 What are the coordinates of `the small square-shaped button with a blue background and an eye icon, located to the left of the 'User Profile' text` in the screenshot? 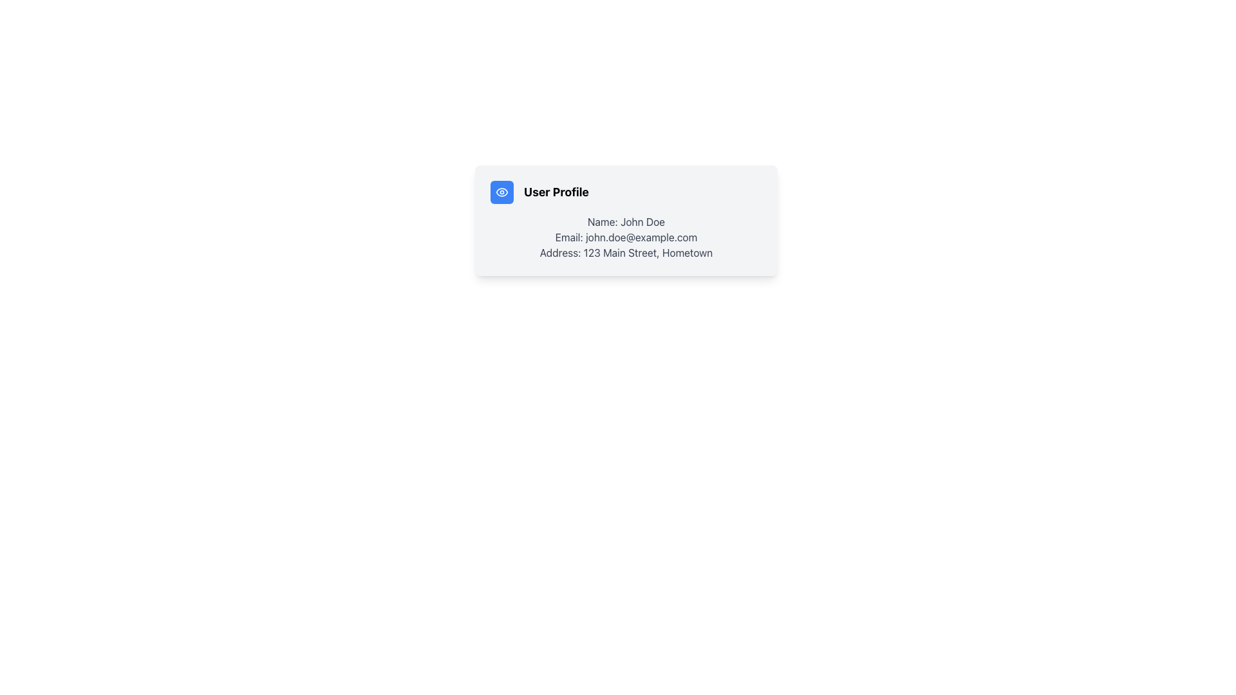 It's located at (501, 192).